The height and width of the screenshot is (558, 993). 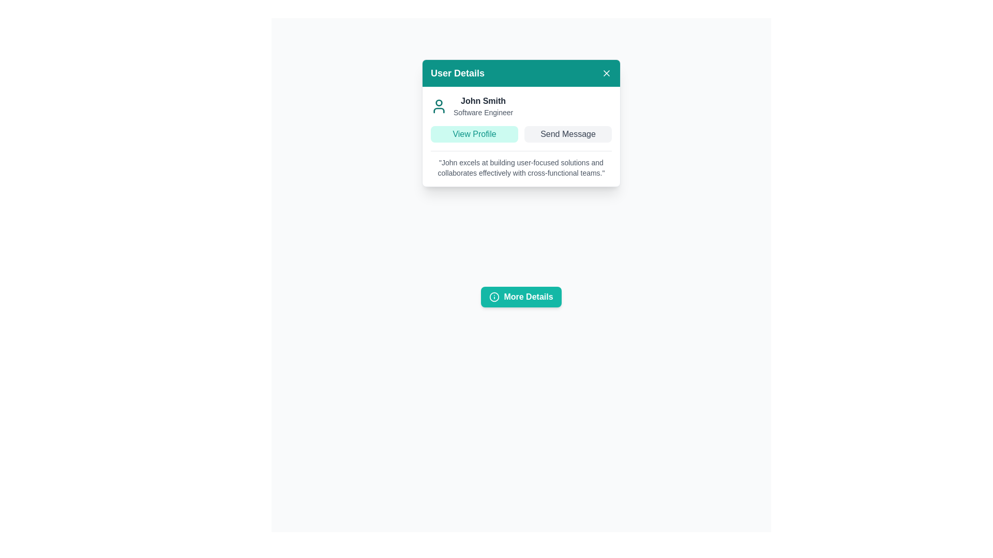 I want to click on the 'Send Message' button in the 'User Details' dialog box, which is rectangular with rounded corners and has dark gray text on a light gray background, so click(x=567, y=133).